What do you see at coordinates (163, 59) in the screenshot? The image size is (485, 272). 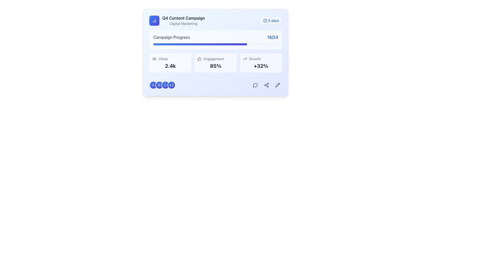 I see `the Static label indicating 'Views', which is positioned next to the 'eye' icon and above the numerical value '2.4k'` at bounding box center [163, 59].